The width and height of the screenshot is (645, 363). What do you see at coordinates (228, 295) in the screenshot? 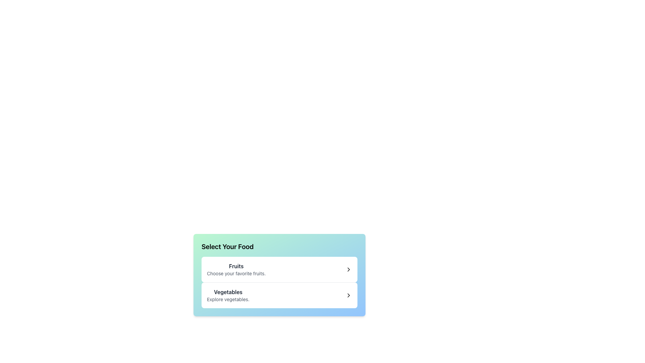
I see `the Text block containing bold text 'Vegetables' and lighter gray text 'Explore vegetables.' located in the second option group under 'Select Your Food.'` at bounding box center [228, 295].